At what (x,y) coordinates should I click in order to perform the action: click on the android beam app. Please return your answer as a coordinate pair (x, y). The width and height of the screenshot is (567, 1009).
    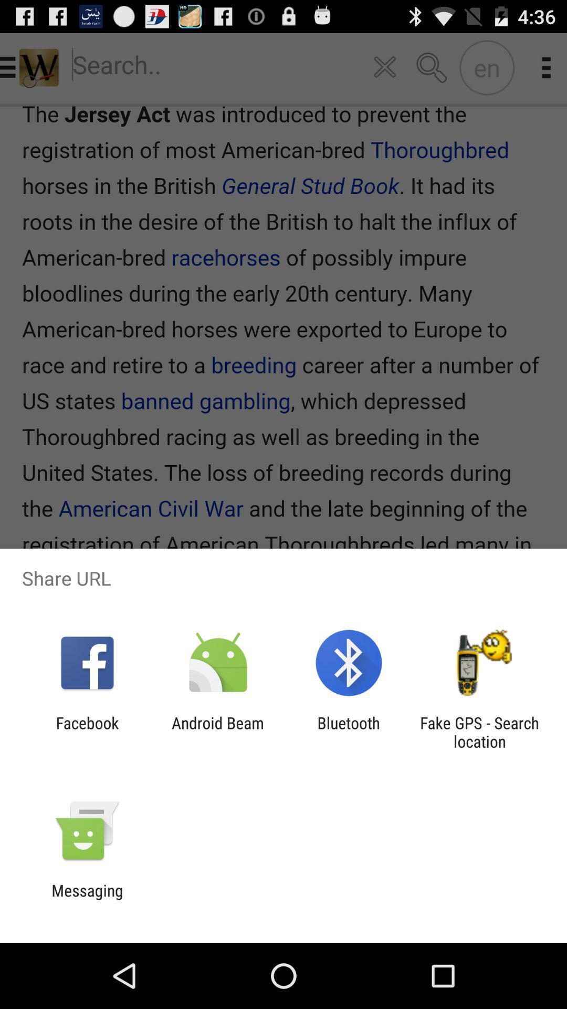
    Looking at the image, I should click on (217, 732).